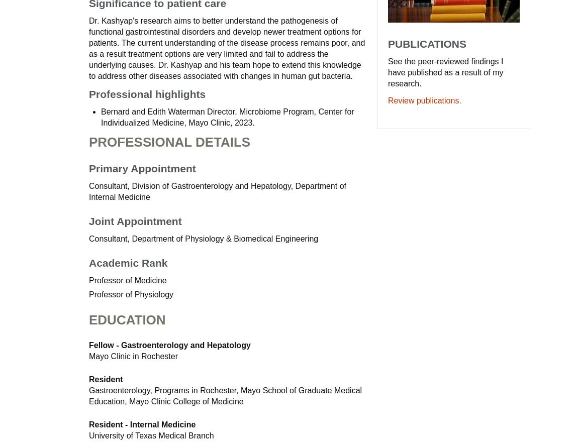 The height and width of the screenshot is (446, 578). Describe the element at coordinates (127, 262) in the screenshot. I see `'Academic Rank'` at that location.